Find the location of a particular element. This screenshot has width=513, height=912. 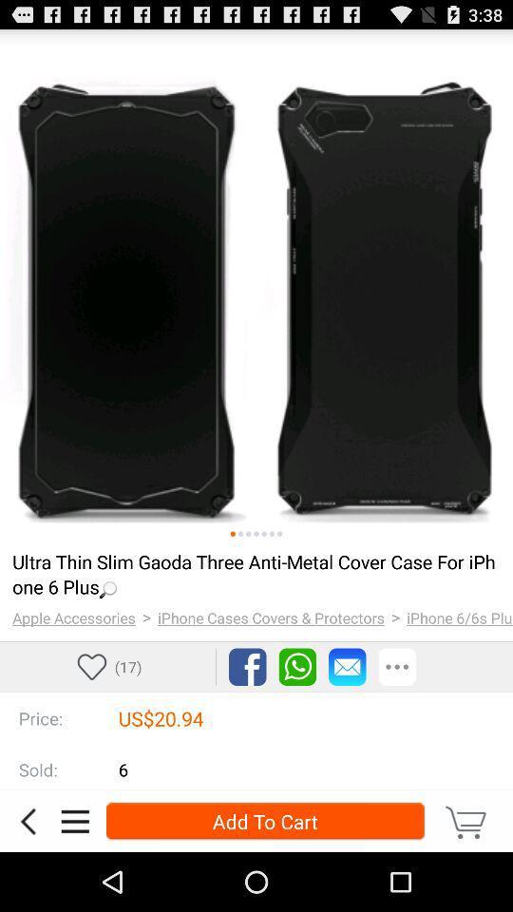

facebook is located at coordinates (247, 667).